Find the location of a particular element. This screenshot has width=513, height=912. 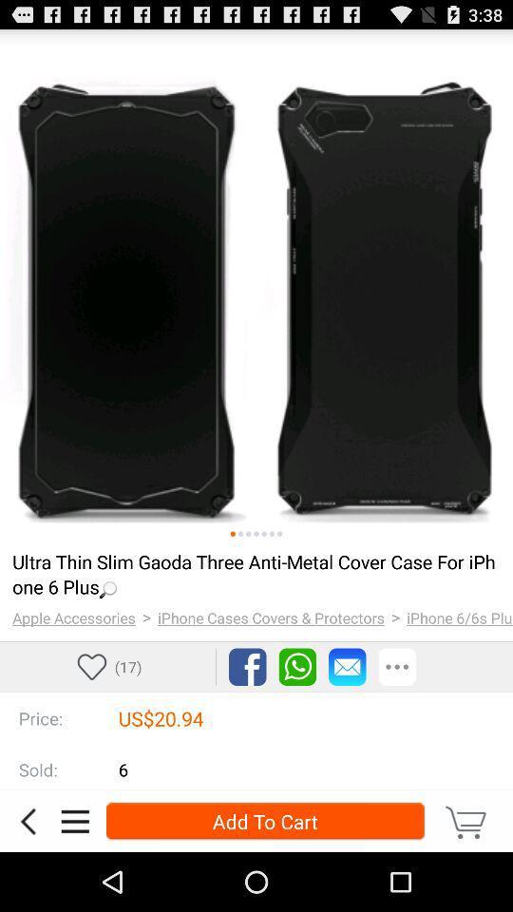

facebook is located at coordinates (247, 667).